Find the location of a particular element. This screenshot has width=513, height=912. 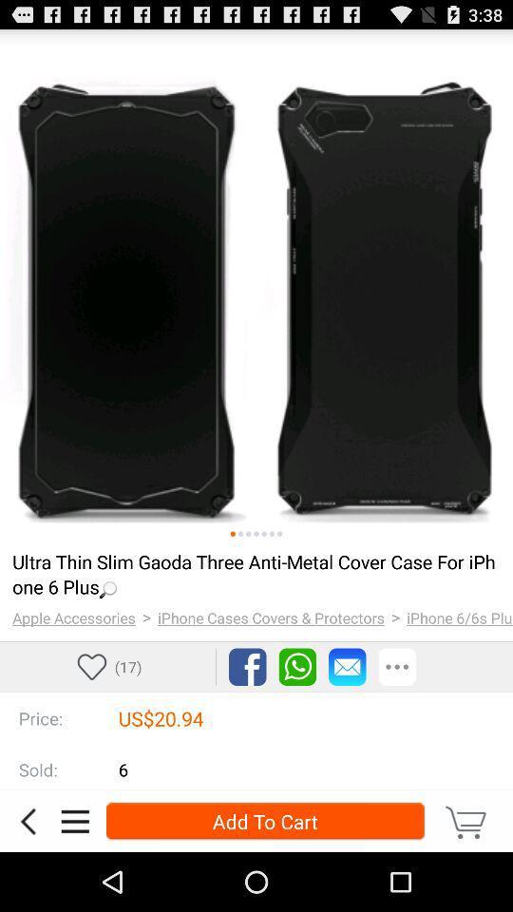

facebook is located at coordinates (247, 667).